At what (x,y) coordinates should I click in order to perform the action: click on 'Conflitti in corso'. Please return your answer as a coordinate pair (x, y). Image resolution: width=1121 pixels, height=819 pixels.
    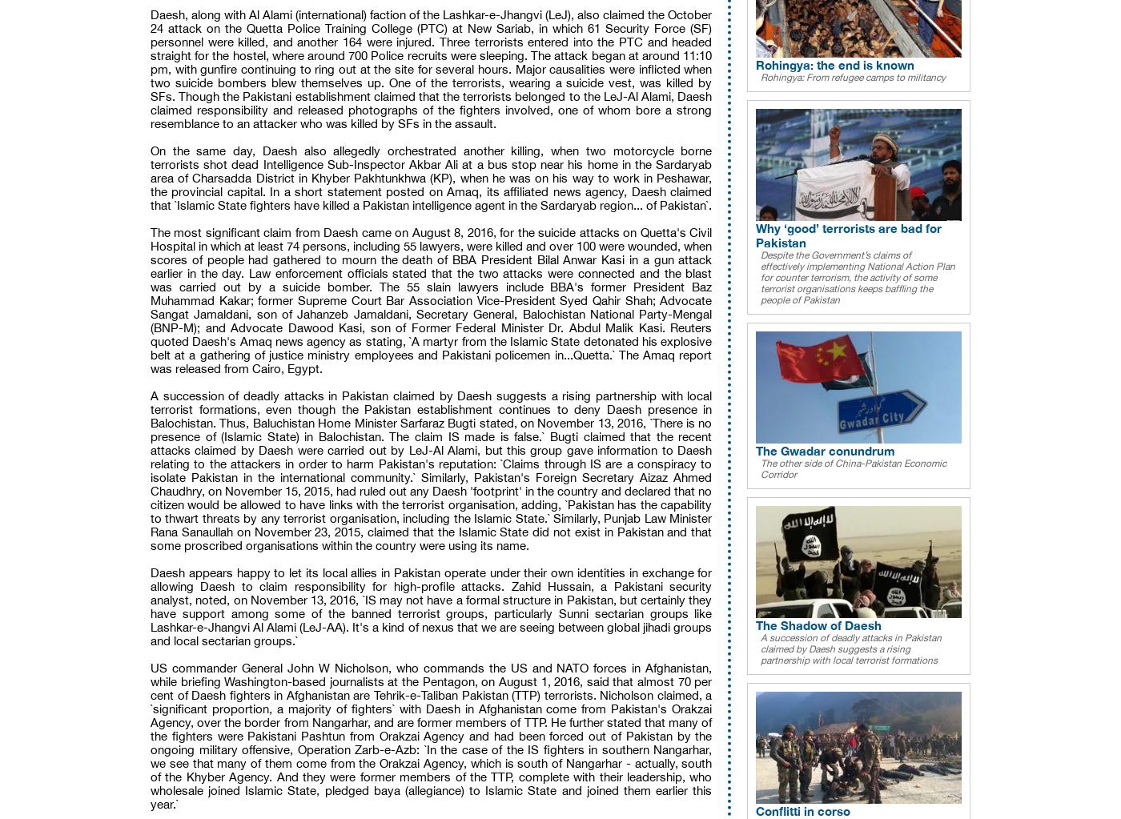
    Looking at the image, I should click on (756, 809).